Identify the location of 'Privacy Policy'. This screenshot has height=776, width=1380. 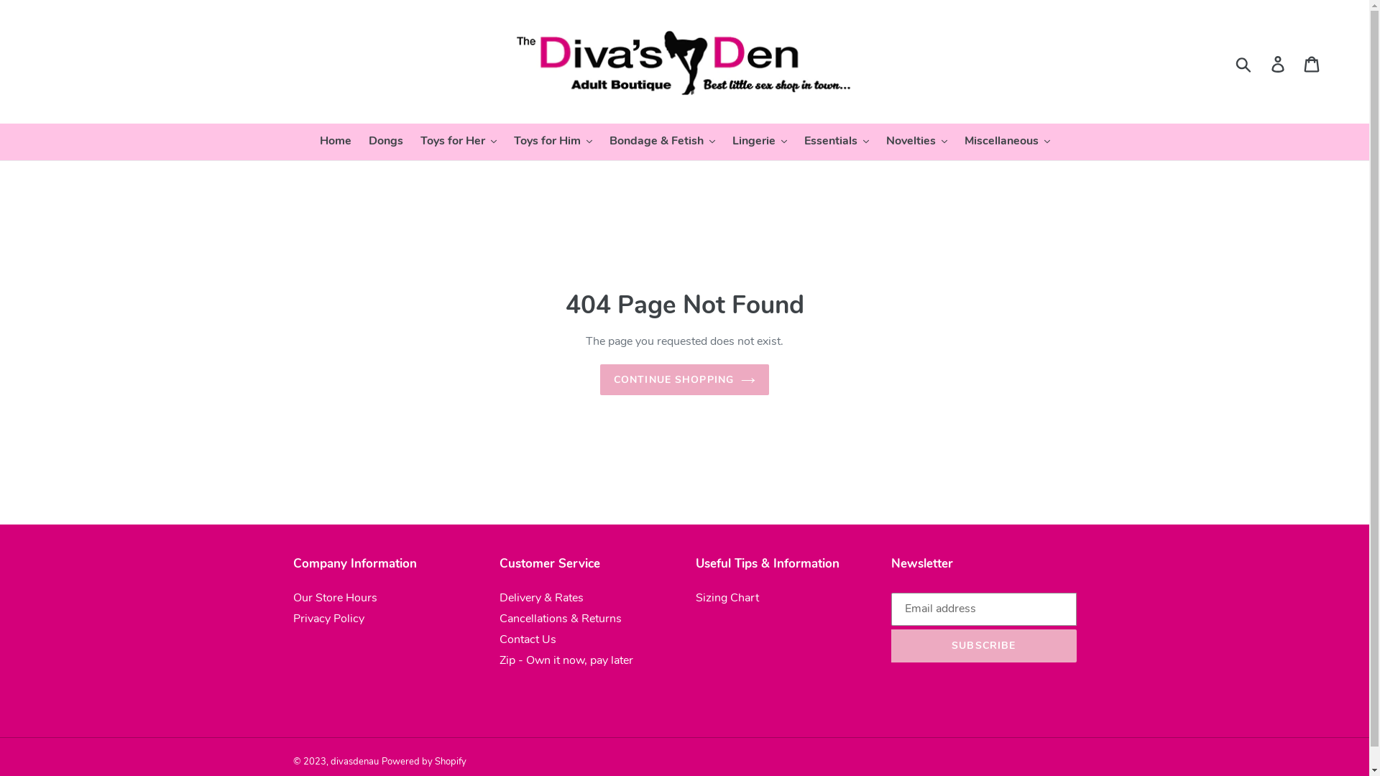
(328, 618).